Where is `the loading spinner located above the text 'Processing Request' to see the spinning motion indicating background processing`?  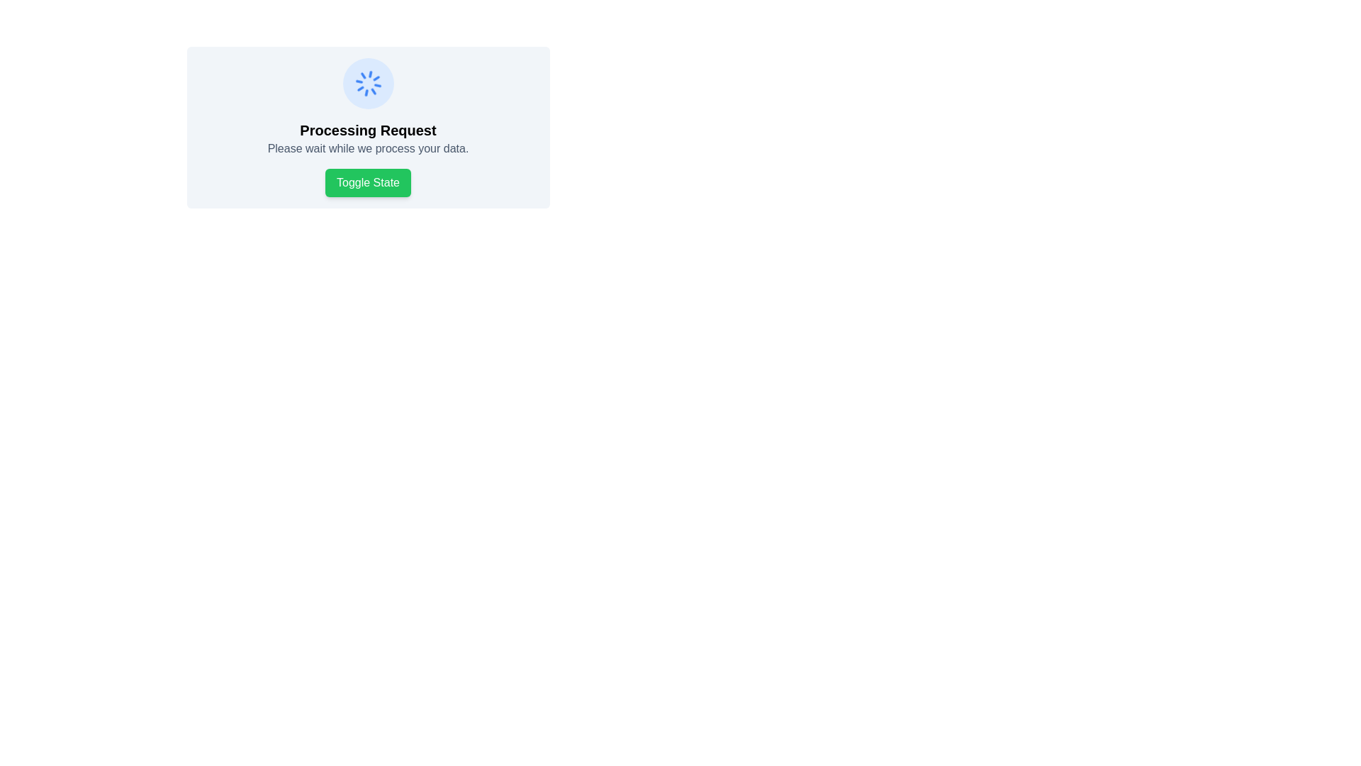 the loading spinner located above the text 'Processing Request' to see the spinning motion indicating background processing is located at coordinates (368, 84).